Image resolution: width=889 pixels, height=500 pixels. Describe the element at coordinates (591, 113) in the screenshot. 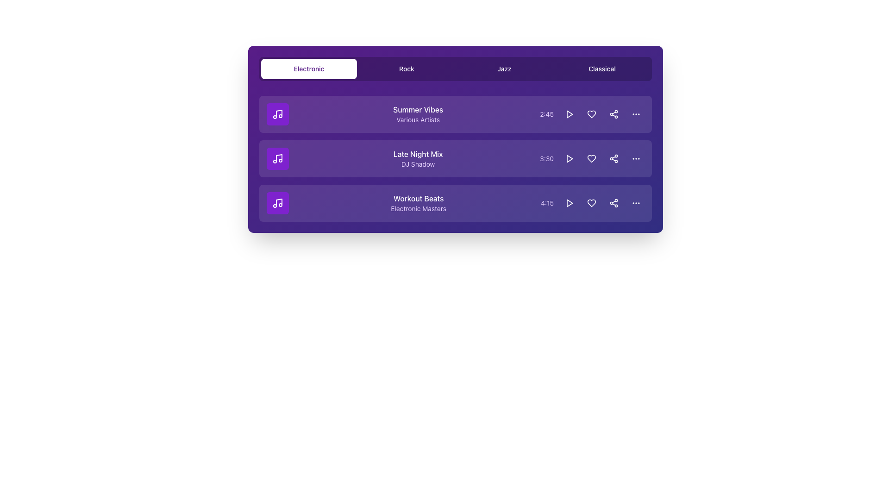

I see `the heart icon button, which is styled in white on a purple background, located in the rightmost section of the first row of the track list, adjacent to the 'Play' and 'Share' icons` at that location.